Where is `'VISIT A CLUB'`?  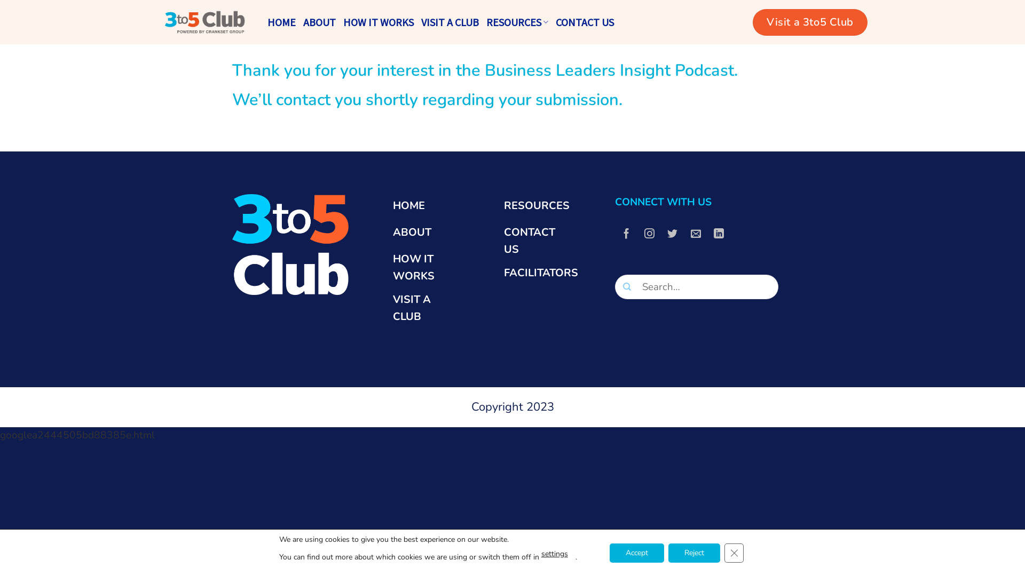 'VISIT A CLUB' is located at coordinates (420, 22).